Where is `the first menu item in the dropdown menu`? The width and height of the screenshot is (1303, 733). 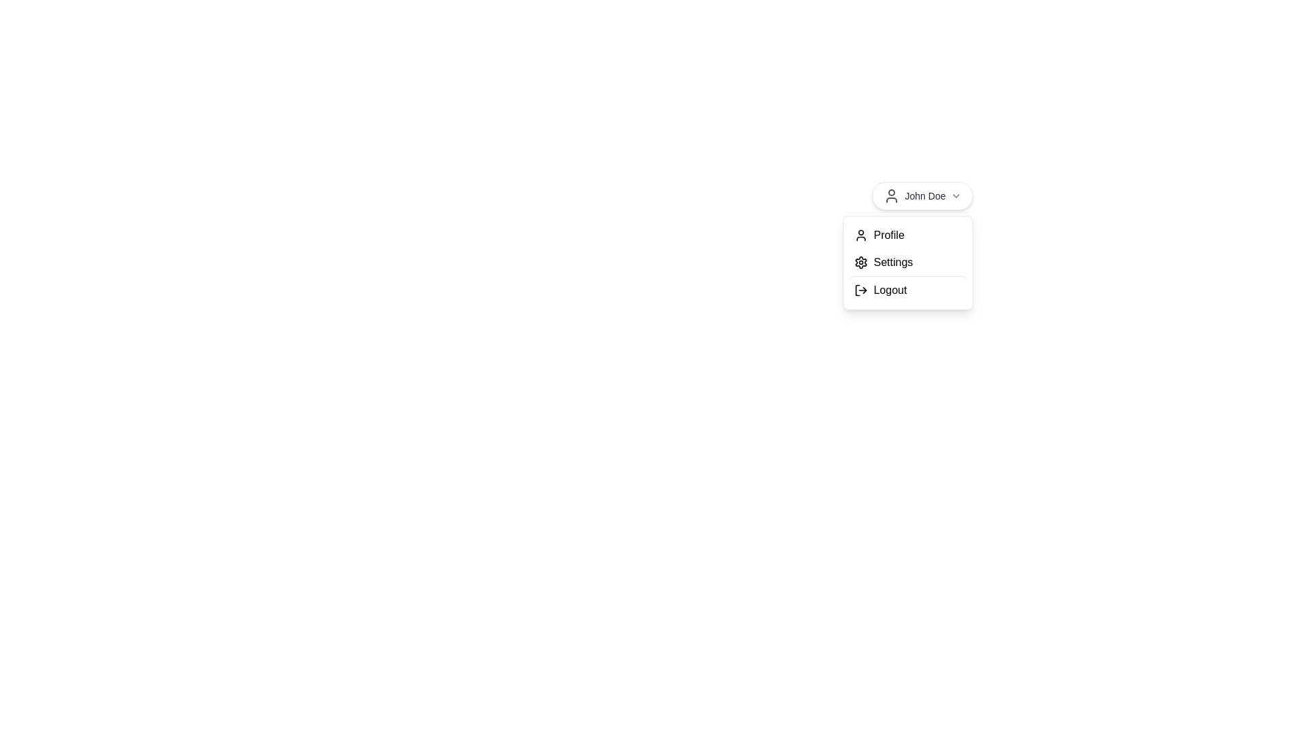 the first menu item in the dropdown menu is located at coordinates (908, 235).